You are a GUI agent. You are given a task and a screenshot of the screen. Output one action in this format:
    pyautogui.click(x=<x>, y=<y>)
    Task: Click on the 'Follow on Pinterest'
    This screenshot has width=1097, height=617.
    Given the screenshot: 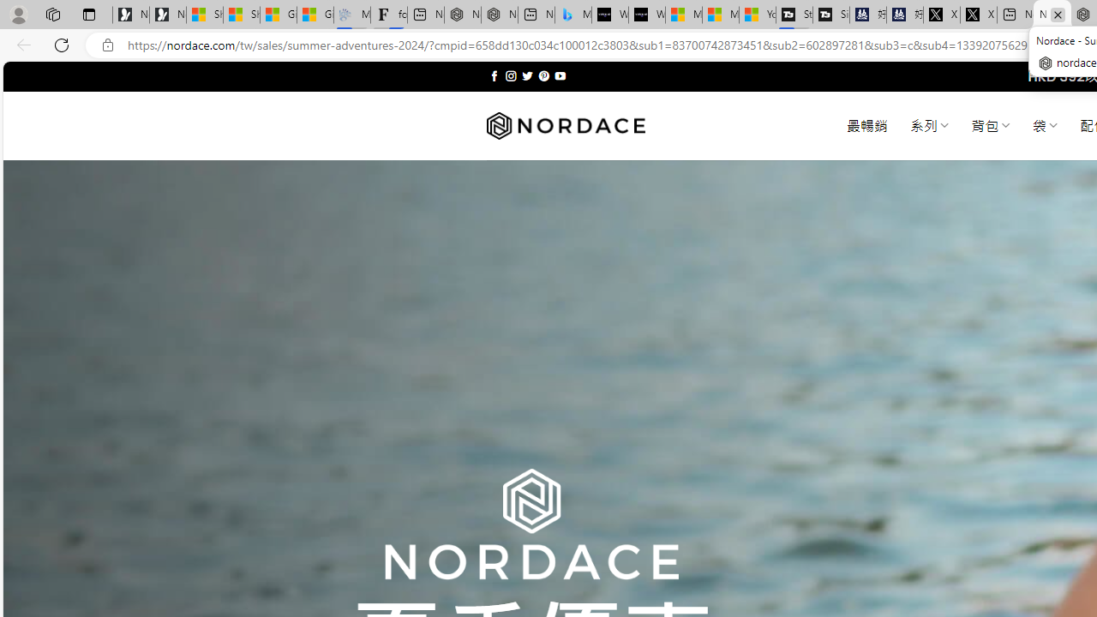 What is the action you would take?
    pyautogui.click(x=543, y=75)
    